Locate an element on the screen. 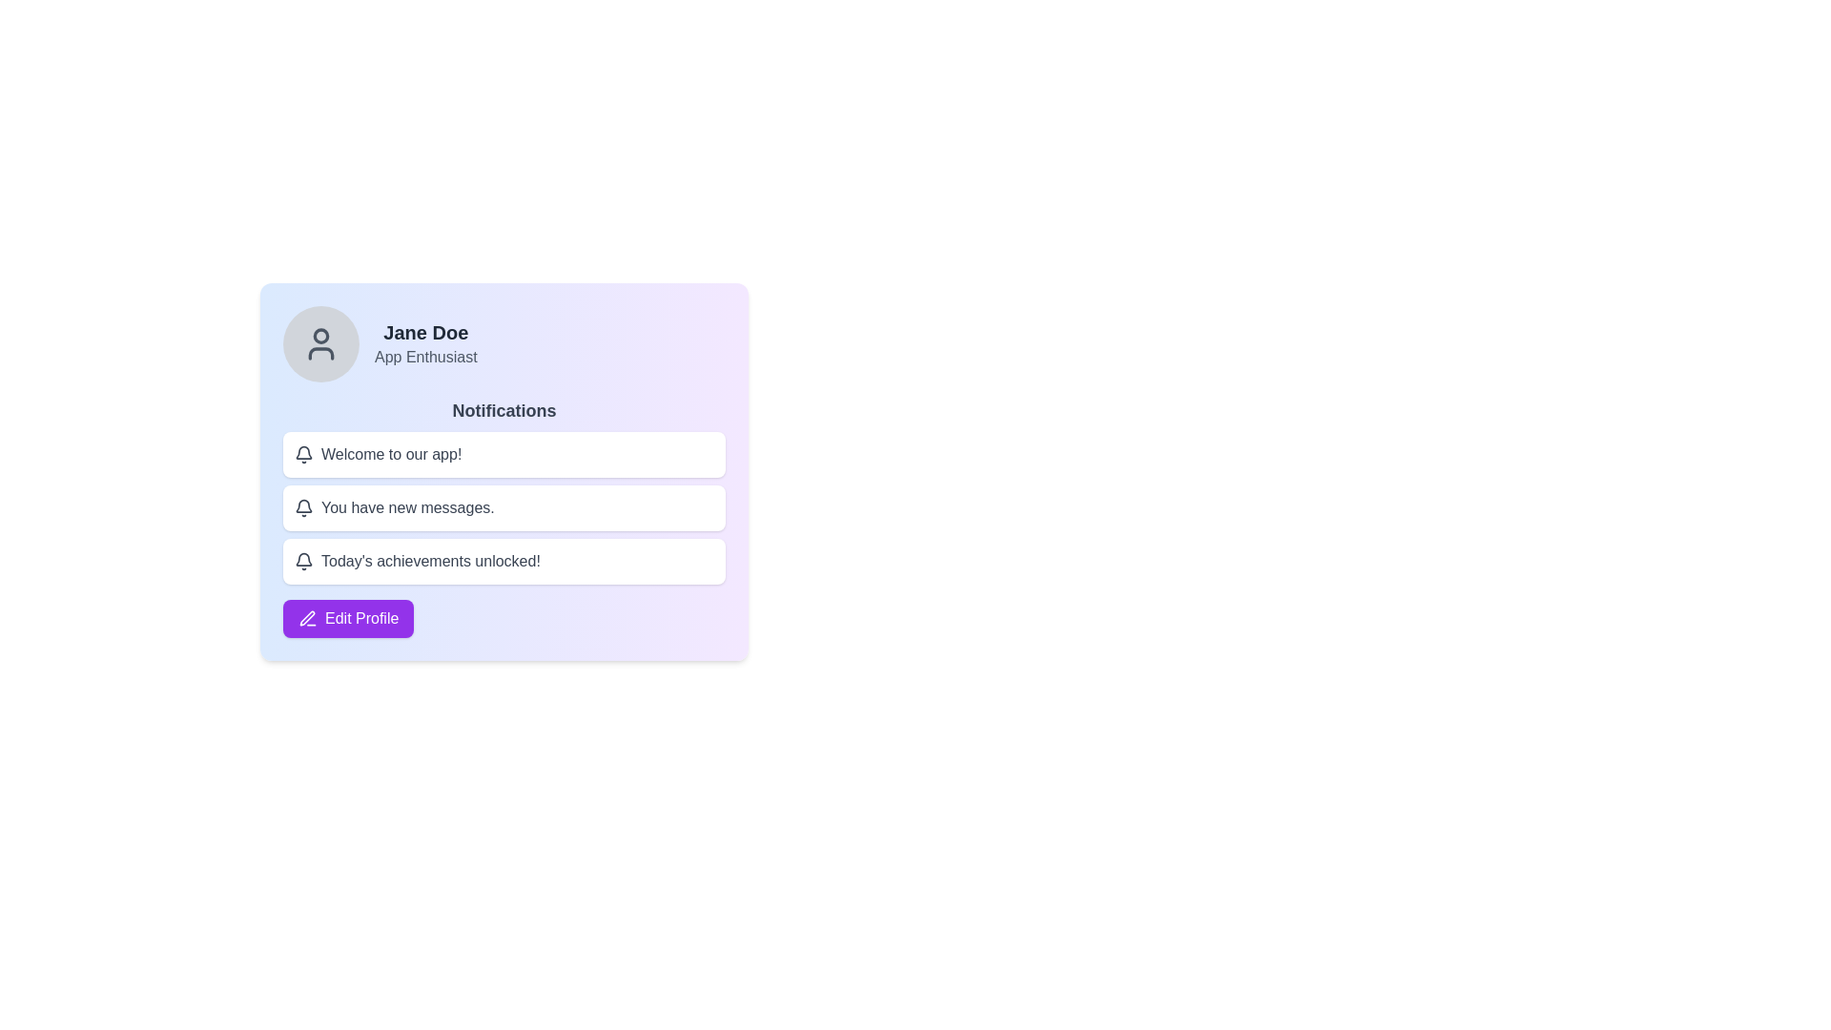 This screenshot has width=1831, height=1030. the pen icon located within the 'Edit Profile' button, which is positioned at the bottom of a card-like interface is located at coordinates (307, 618).